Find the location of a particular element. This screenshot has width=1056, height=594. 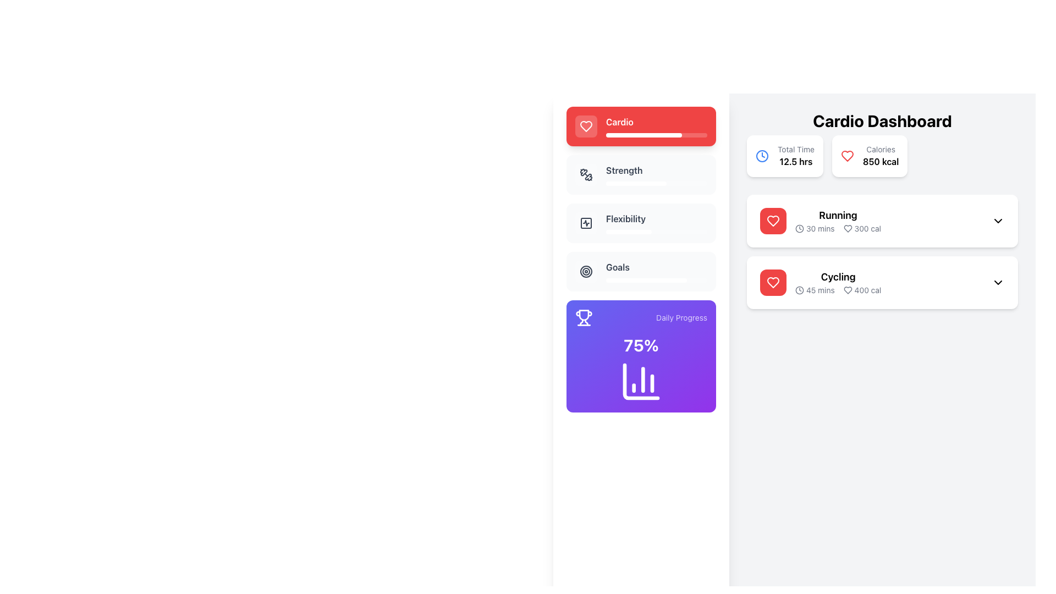

value displayed in the Text Display Element that shows '75%' in a bold, extra-large font on a gradient background within the 'Daily Progress' section is located at coordinates (641, 345).